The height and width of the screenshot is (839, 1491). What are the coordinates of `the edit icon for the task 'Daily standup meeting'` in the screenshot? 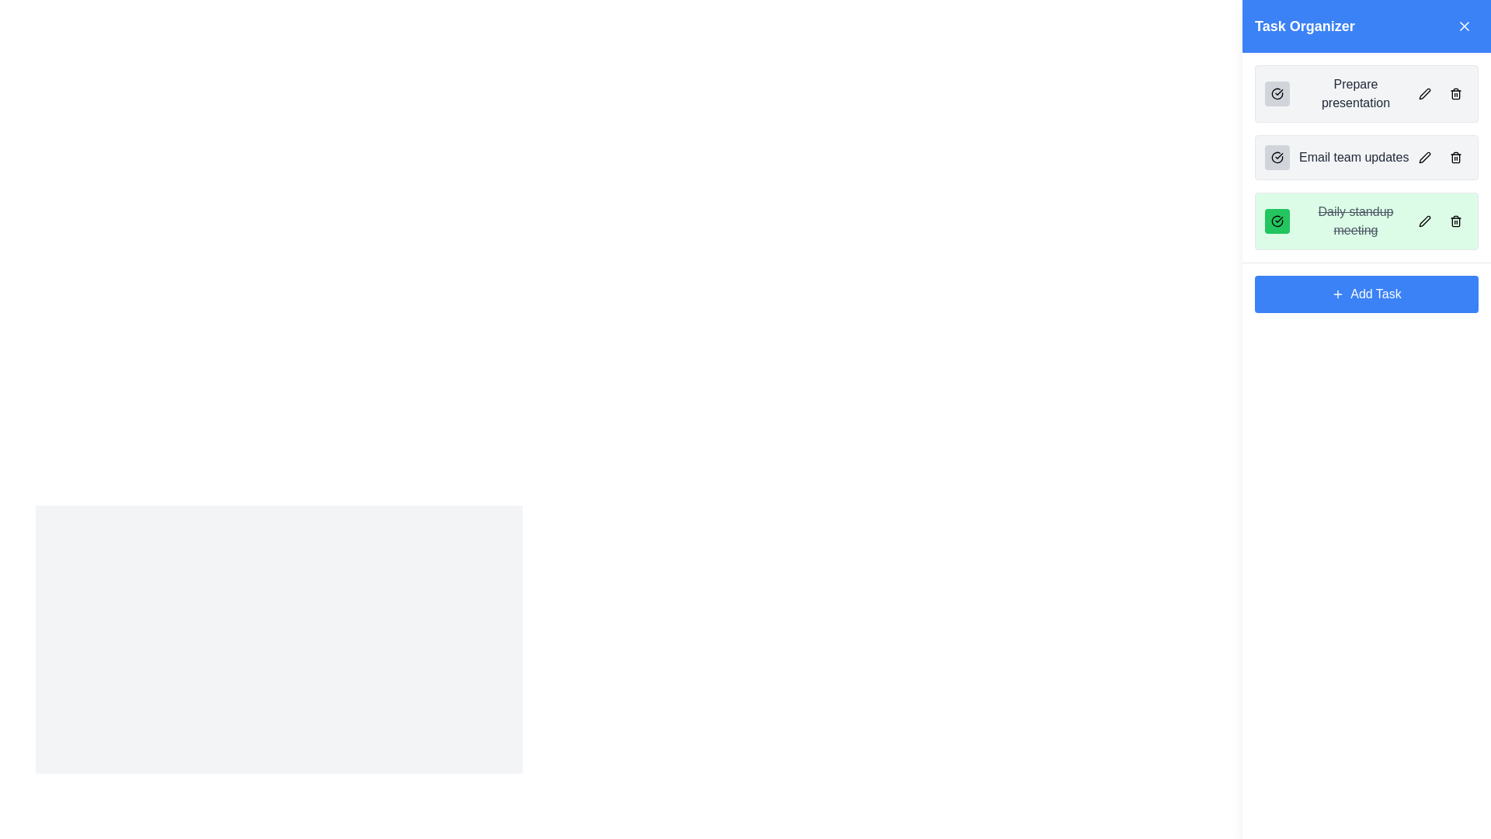 It's located at (1424, 221).